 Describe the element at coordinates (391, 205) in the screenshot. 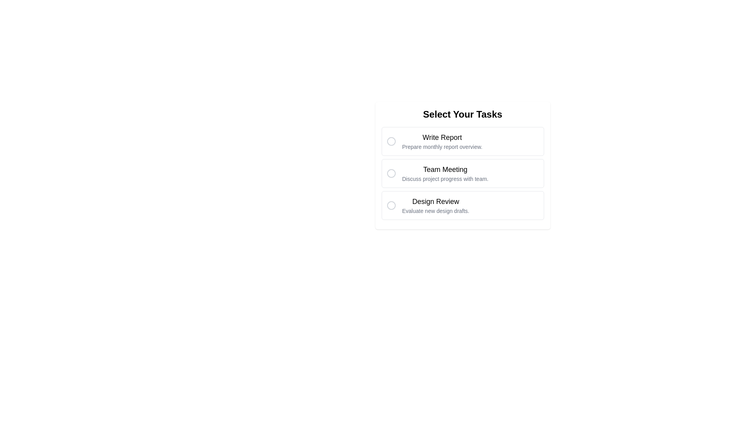

I see `the graphical icon representing the unselected radio button for the 'Design Review' task, located beside the task label at the bottom of the list of tasks` at that location.